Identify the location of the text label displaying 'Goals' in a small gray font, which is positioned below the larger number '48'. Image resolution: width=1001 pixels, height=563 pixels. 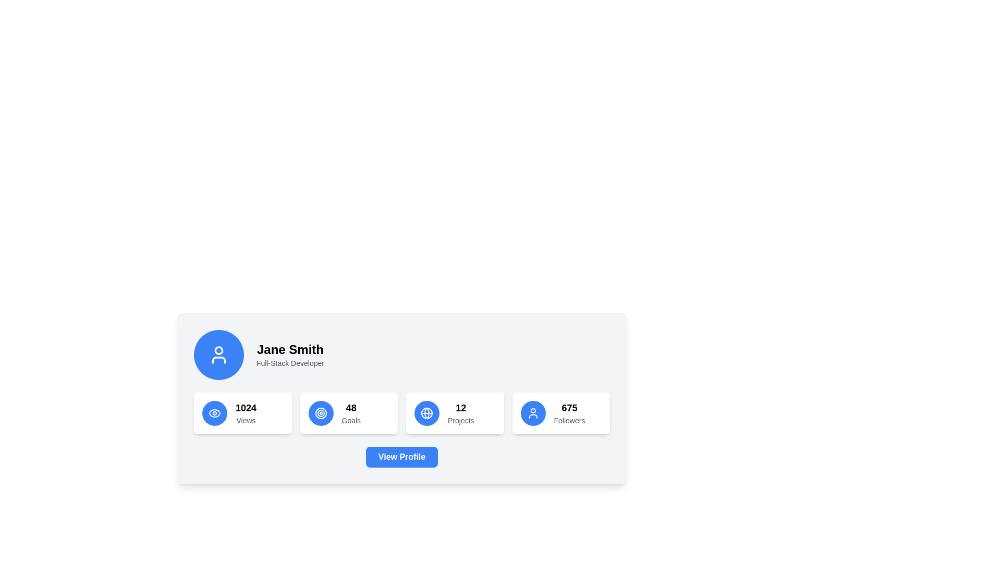
(351, 420).